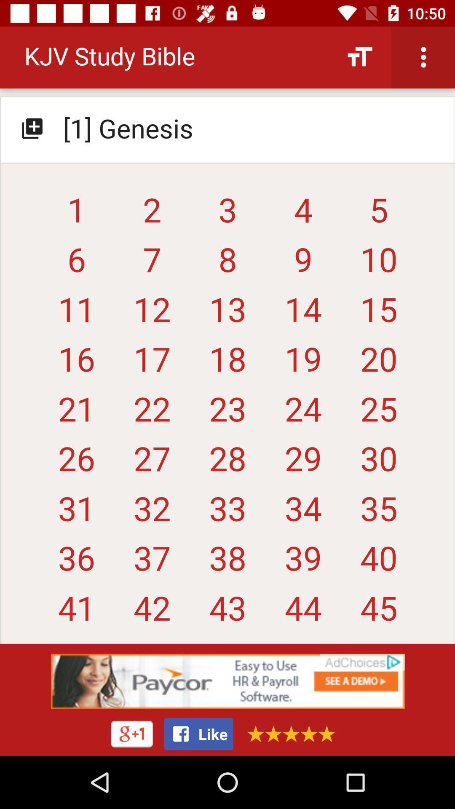  Describe the element at coordinates (288, 733) in the screenshot. I see `rate the app` at that location.